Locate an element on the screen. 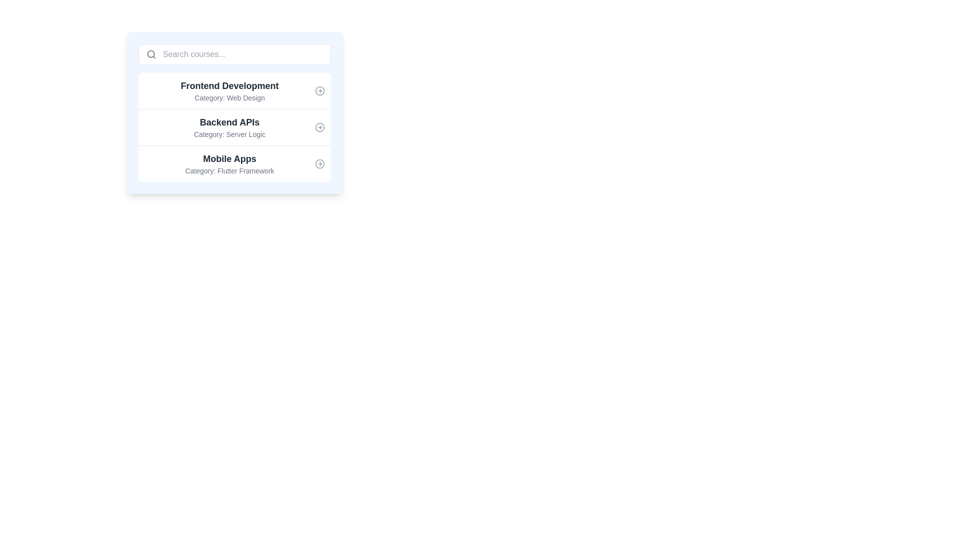 The height and width of the screenshot is (540, 960). the detailed page about 'Backend APIs' by clicking on the light blue card that lists 'Backend APIs' in the middle section is located at coordinates (234, 112).